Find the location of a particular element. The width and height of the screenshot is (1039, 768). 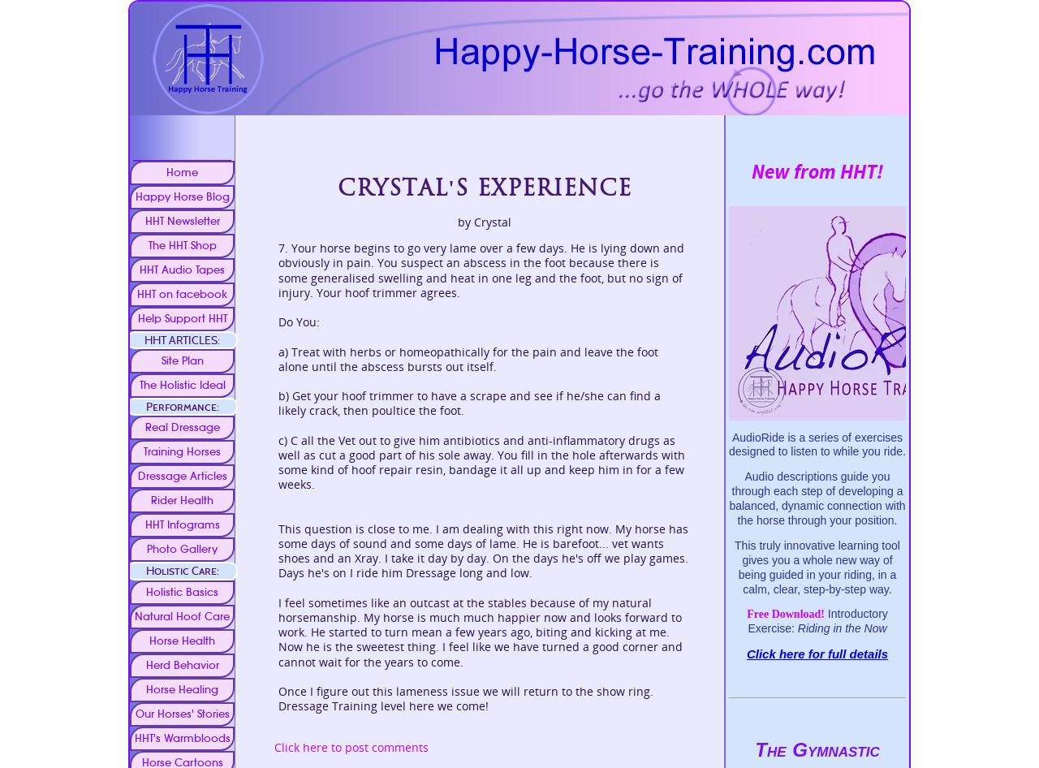

'Photo Gallery' is located at coordinates (182, 549).